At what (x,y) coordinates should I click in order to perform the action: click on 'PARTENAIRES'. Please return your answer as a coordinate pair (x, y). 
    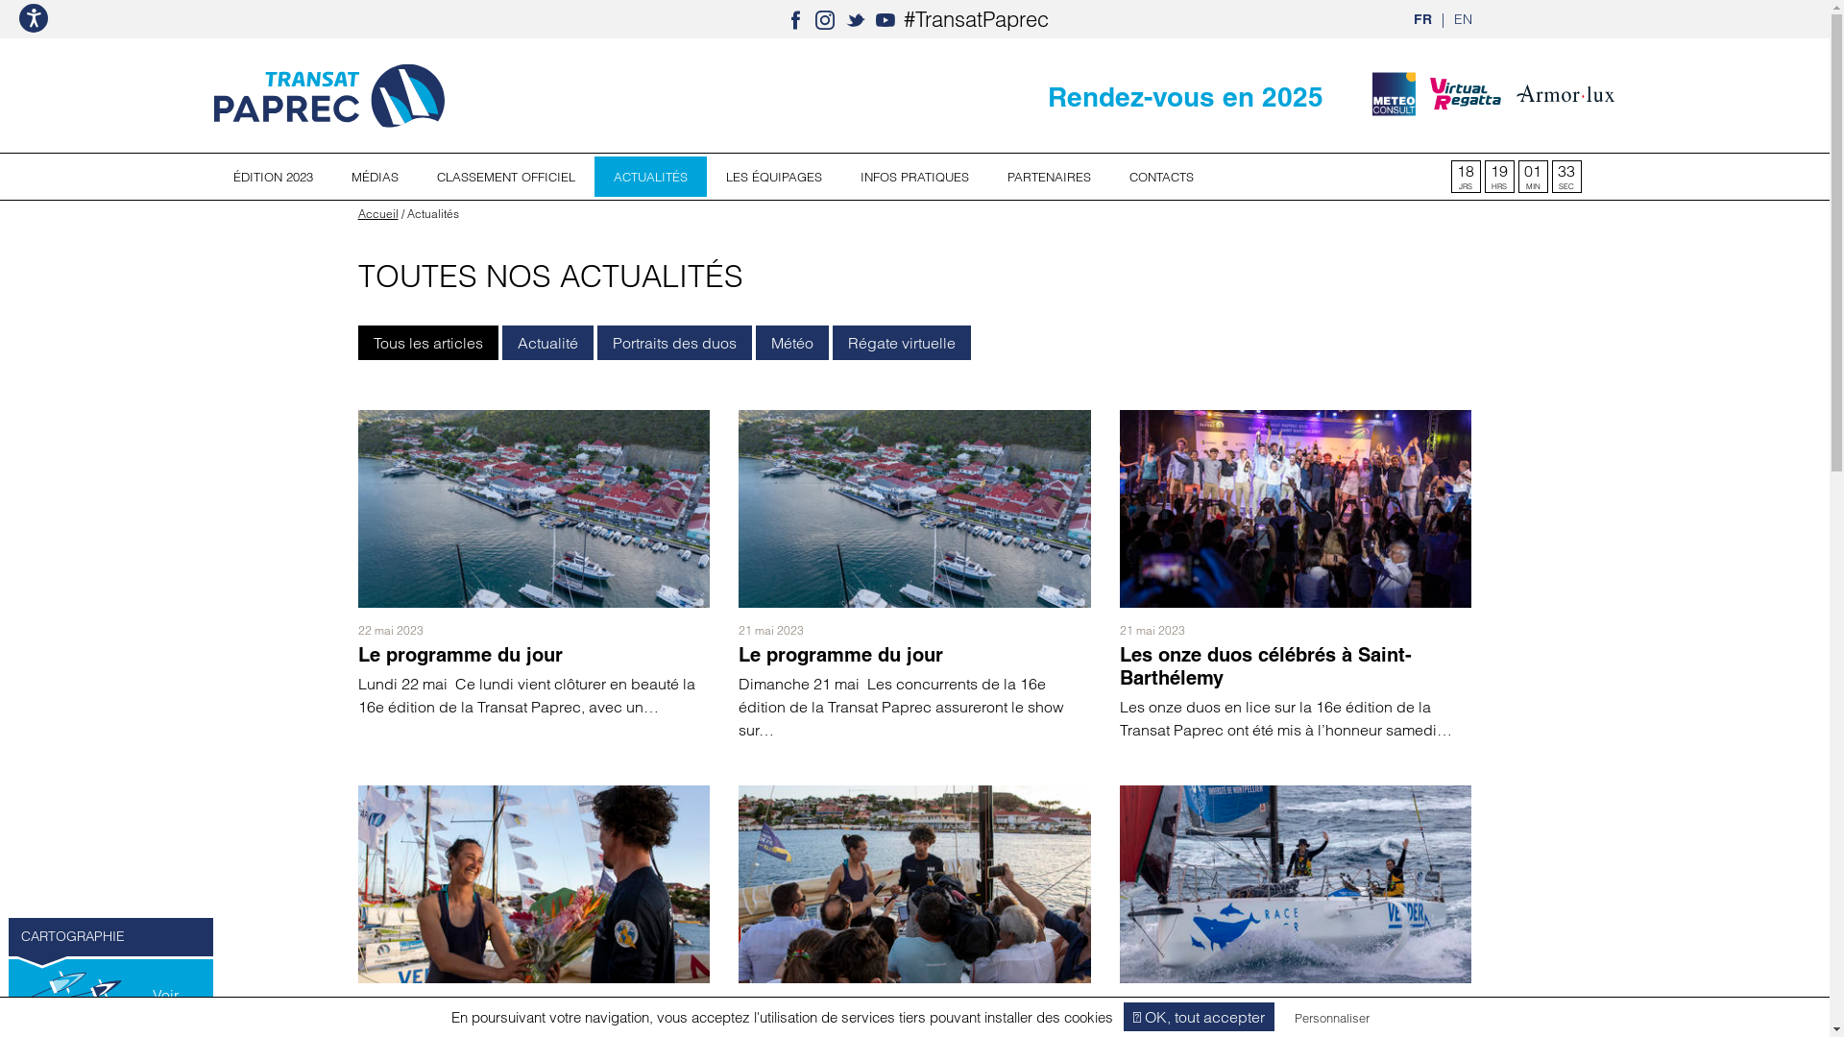
    Looking at the image, I should click on (1047, 177).